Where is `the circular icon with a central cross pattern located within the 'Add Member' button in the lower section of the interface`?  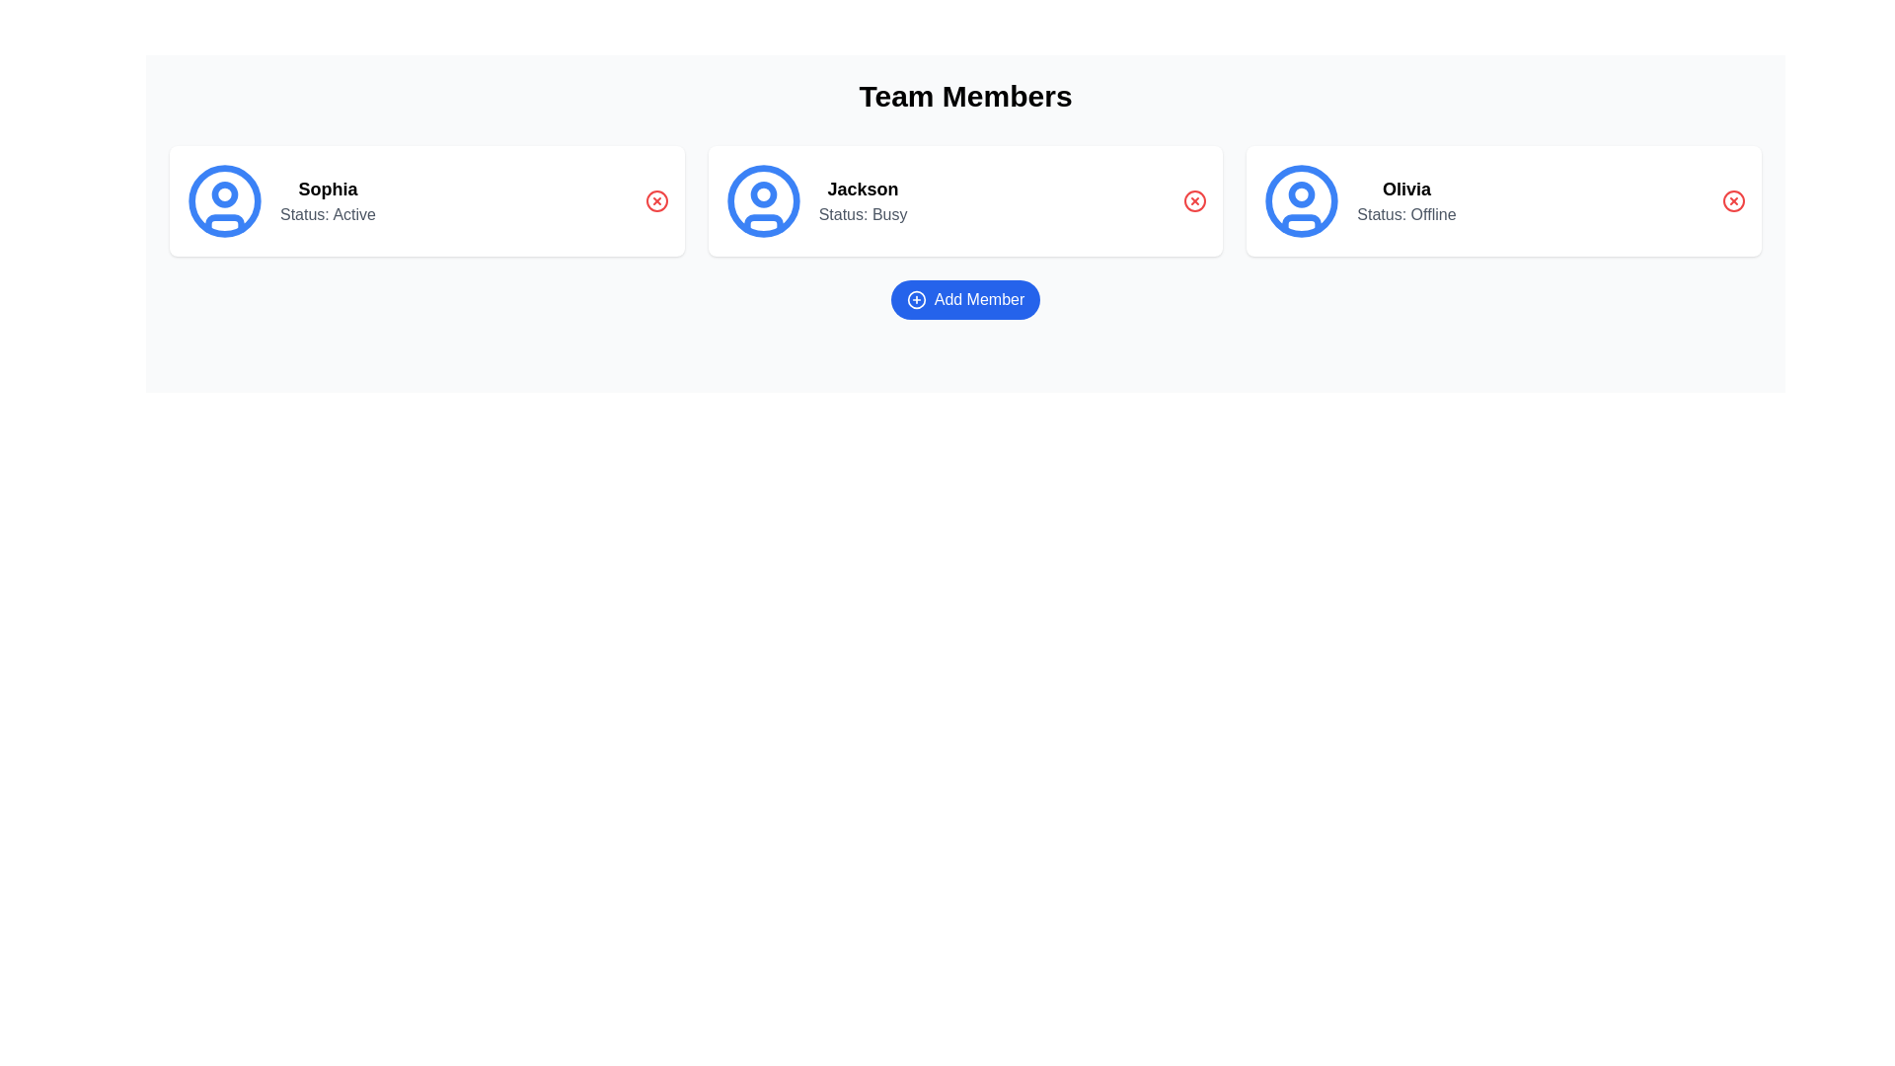
the circular icon with a central cross pattern located within the 'Add Member' button in the lower section of the interface is located at coordinates (915, 300).